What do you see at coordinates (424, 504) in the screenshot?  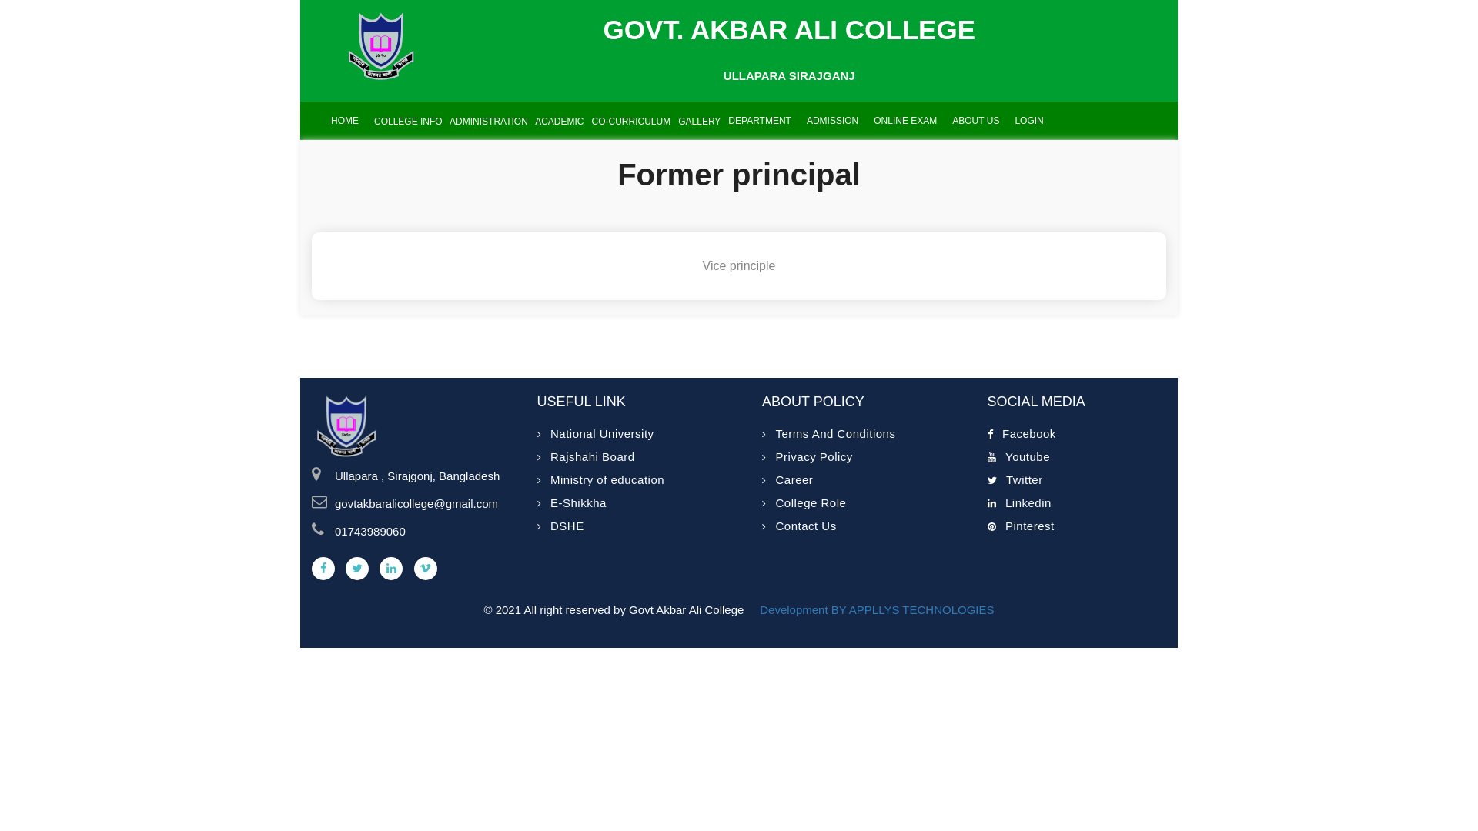 I see `'govtakbaralicollege@gmail.com'` at bounding box center [424, 504].